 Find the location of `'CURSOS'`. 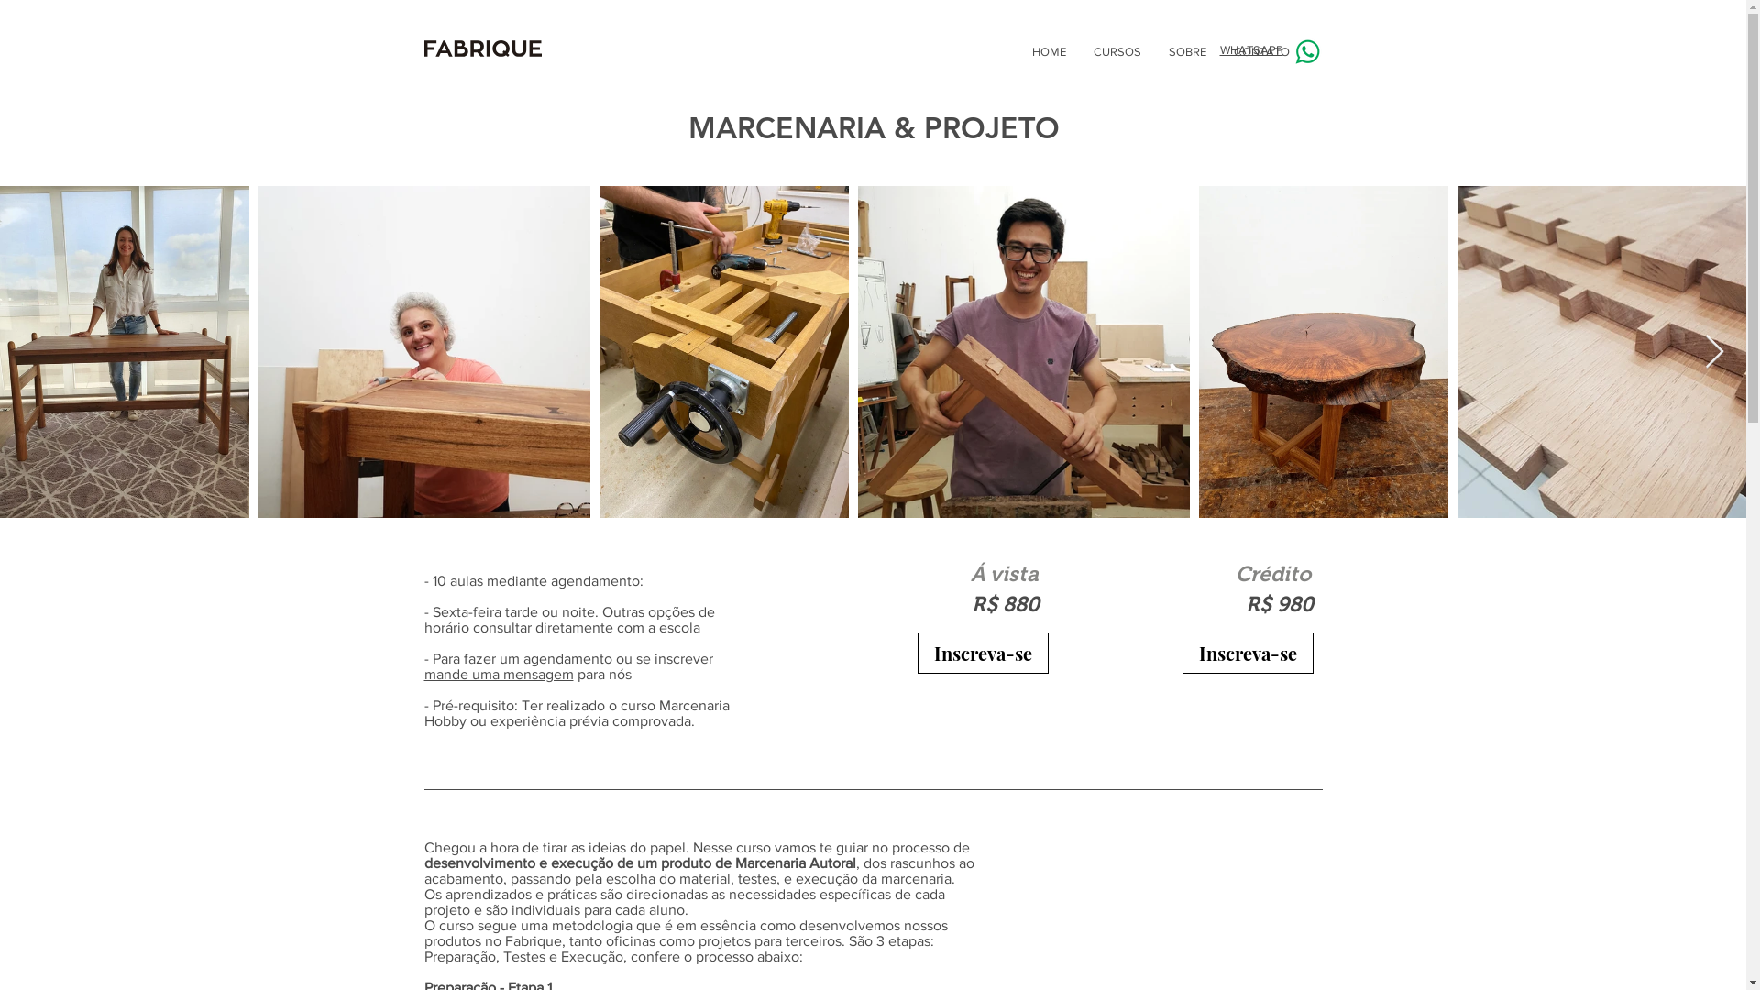

'CURSOS' is located at coordinates (1116, 51).